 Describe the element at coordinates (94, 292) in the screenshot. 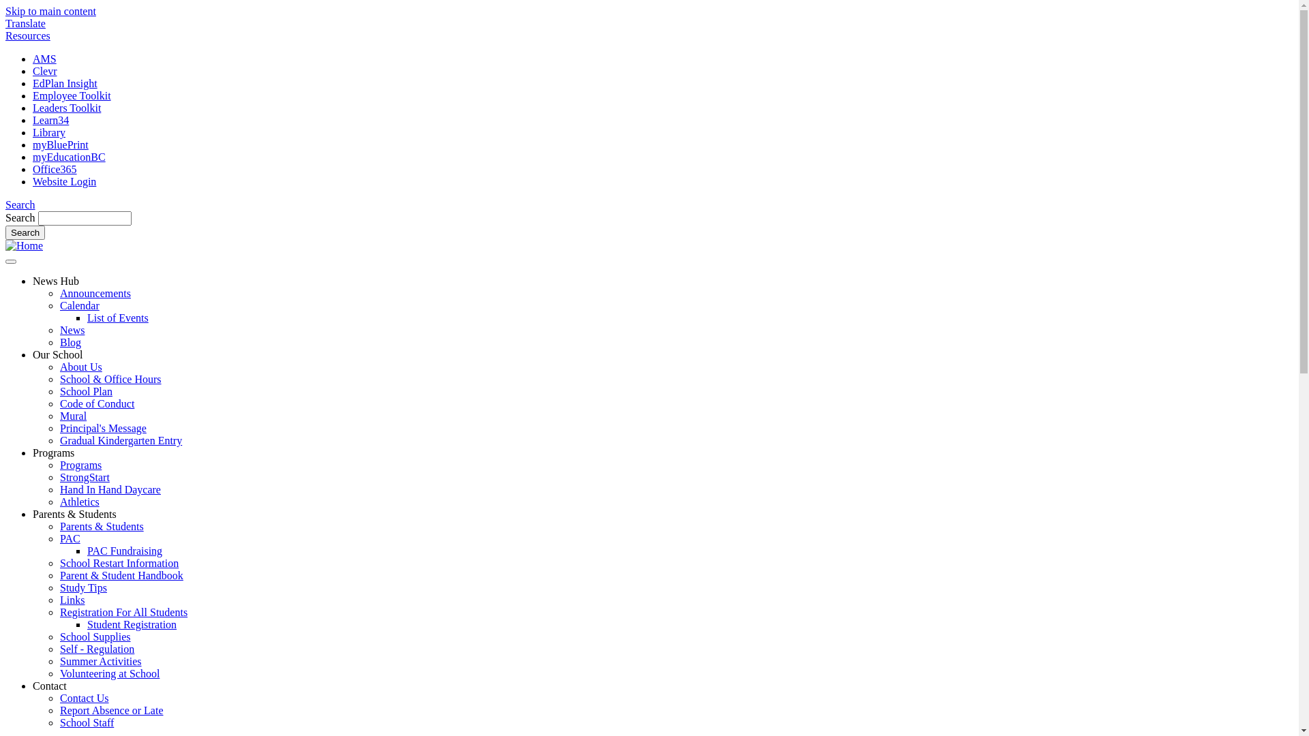

I see `'Announcements'` at that location.